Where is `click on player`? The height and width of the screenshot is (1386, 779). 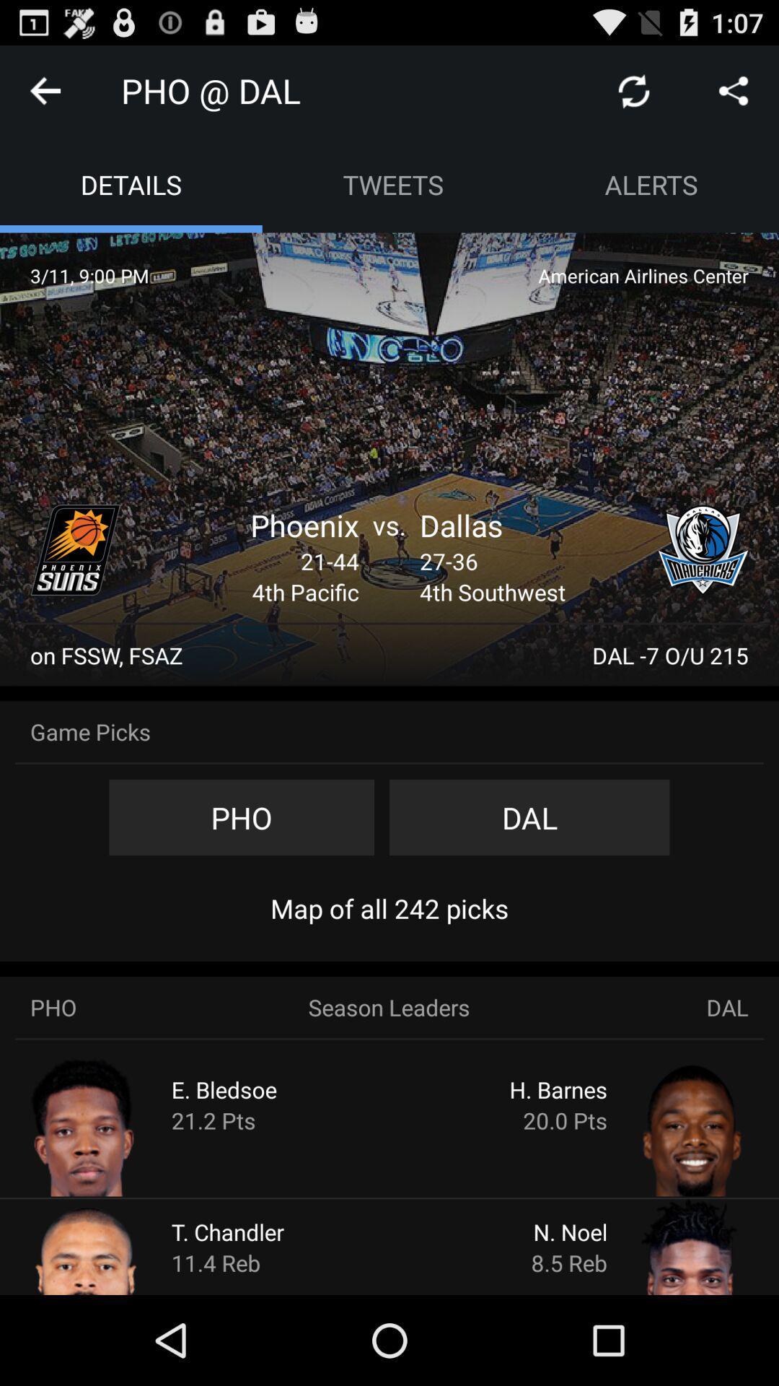
click on player is located at coordinates (665, 1125).